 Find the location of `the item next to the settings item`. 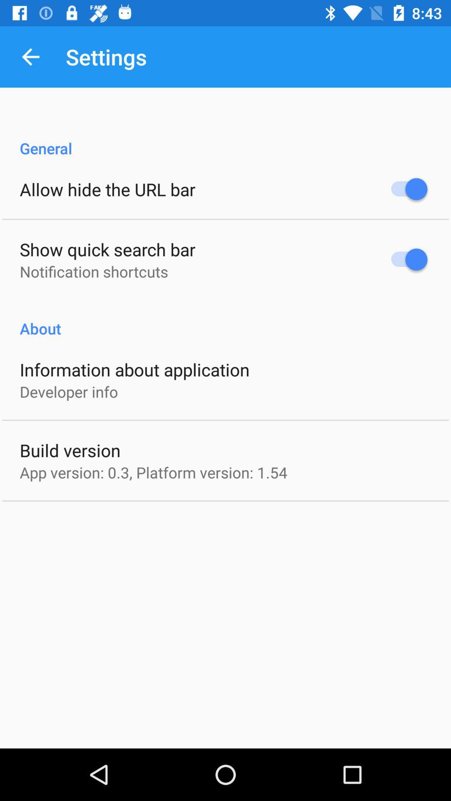

the item next to the settings item is located at coordinates (30, 56).